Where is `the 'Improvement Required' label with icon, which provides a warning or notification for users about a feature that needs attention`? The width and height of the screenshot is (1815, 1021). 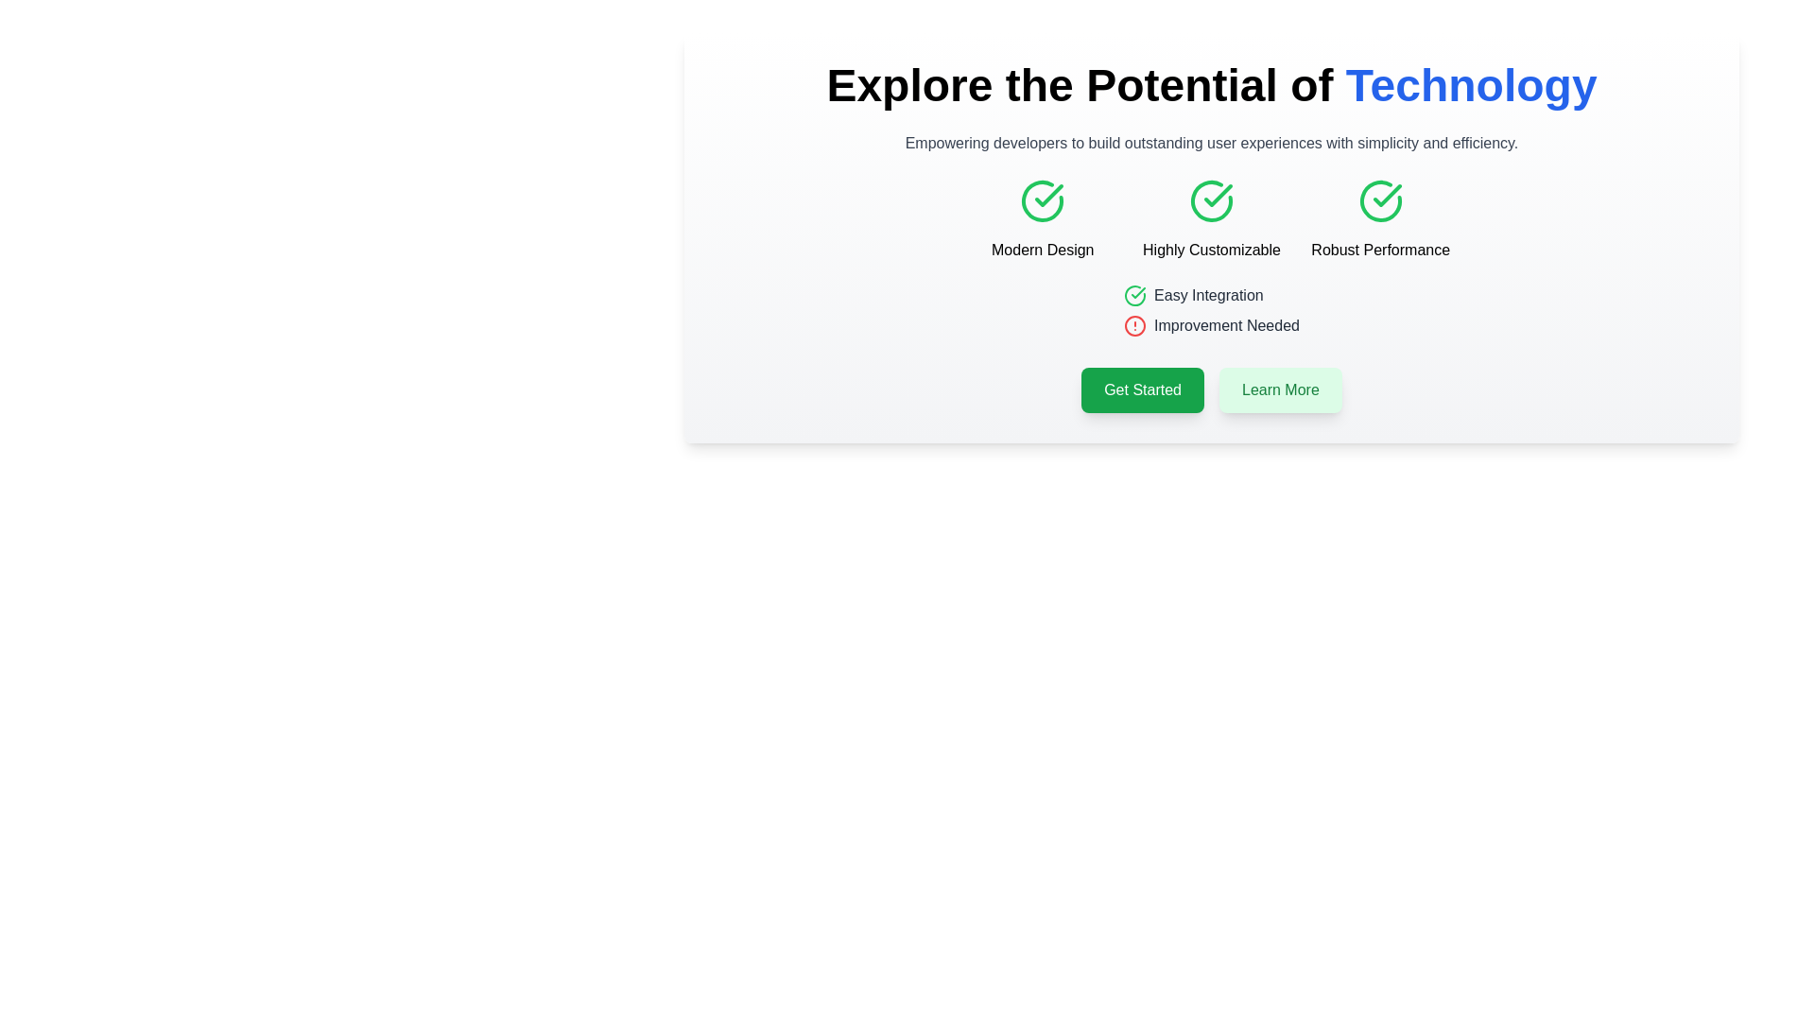
the 'Improvement Required' label with icon, which provides a warning or notification for users about a feature that needs attention is located at coordinates (1211, 324).